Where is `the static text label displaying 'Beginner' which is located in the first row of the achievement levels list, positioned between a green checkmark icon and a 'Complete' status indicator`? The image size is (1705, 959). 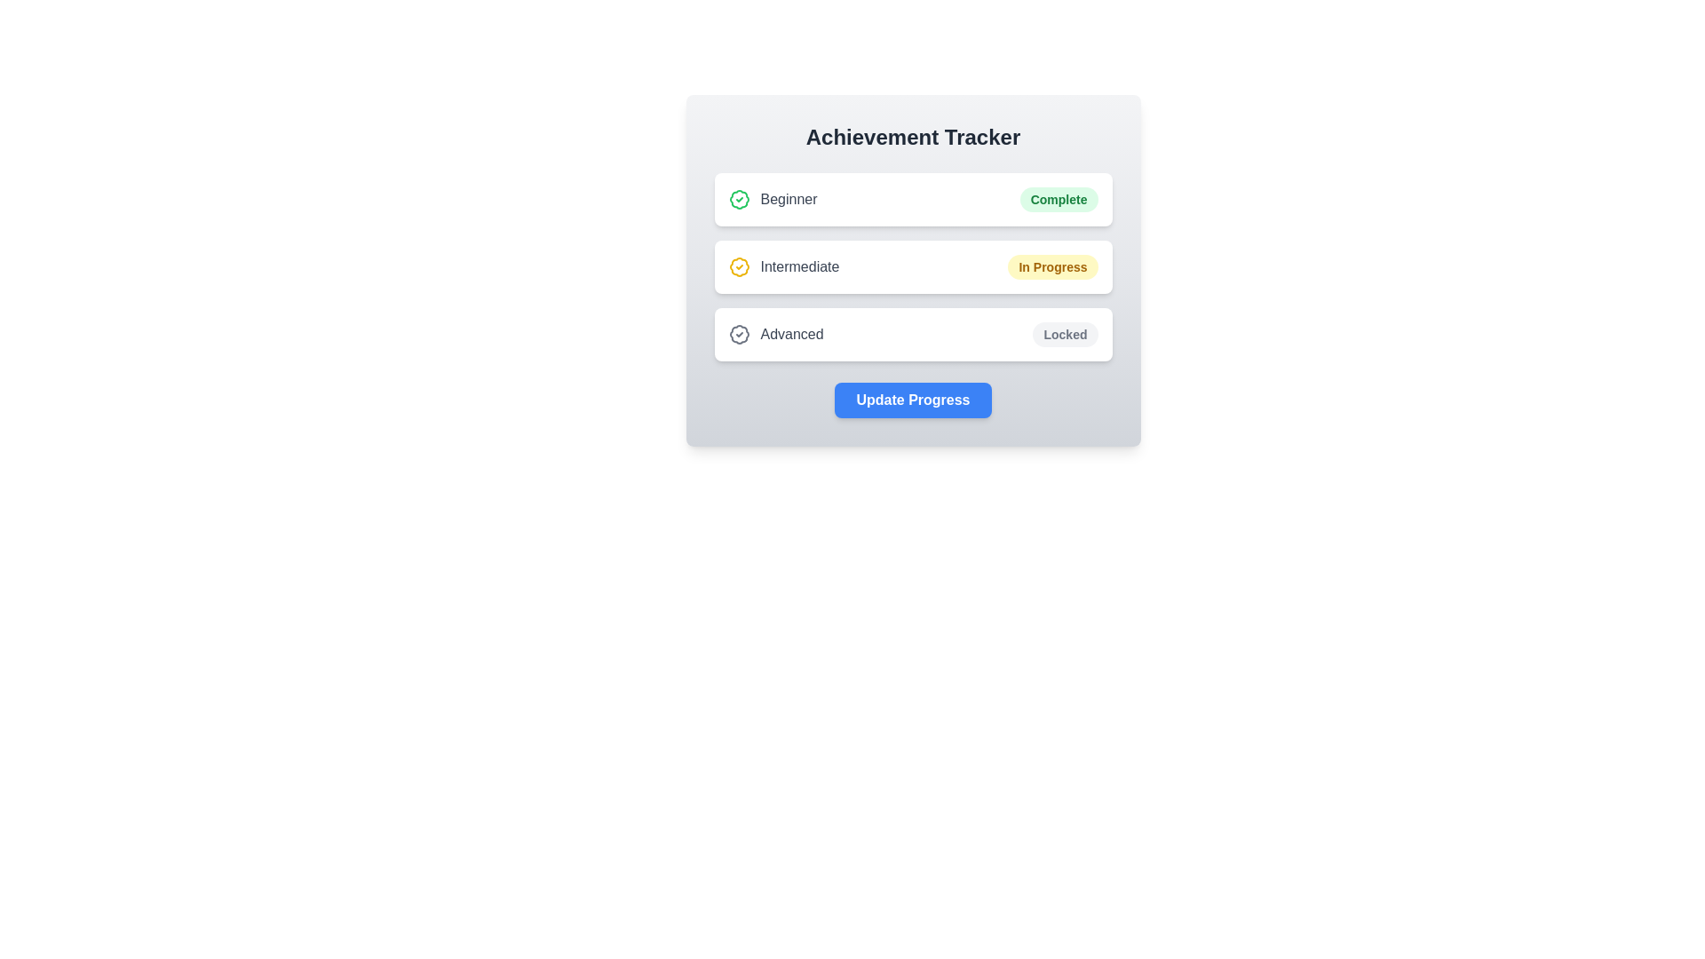 the static text label displaying 'Beginner' which is located in the first row of the achievement levels list, positioned between a green checkmark icon and a 'Complete' status indicator is located at coordinates (788, 199).